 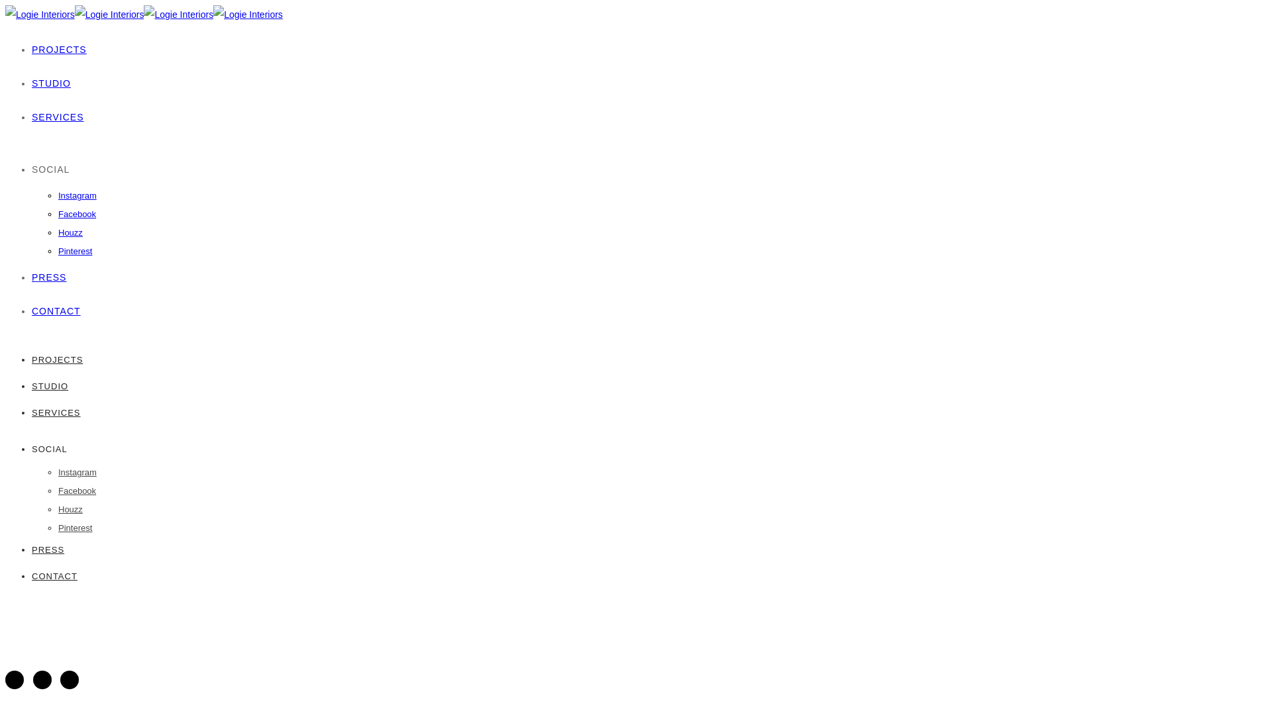 I want to click on 'Instagram', so click(x=76, y=195).